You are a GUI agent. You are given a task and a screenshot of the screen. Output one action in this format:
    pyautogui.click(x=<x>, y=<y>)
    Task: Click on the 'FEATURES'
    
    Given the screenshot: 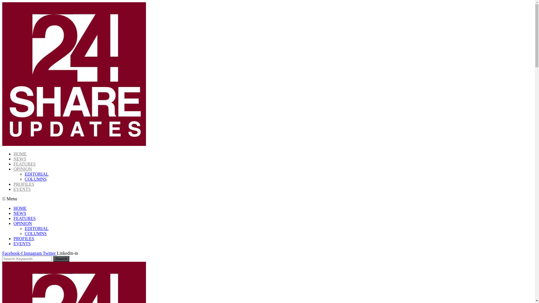 What is the action you would take?
    pyautogui.click(x=13, y=218)
    